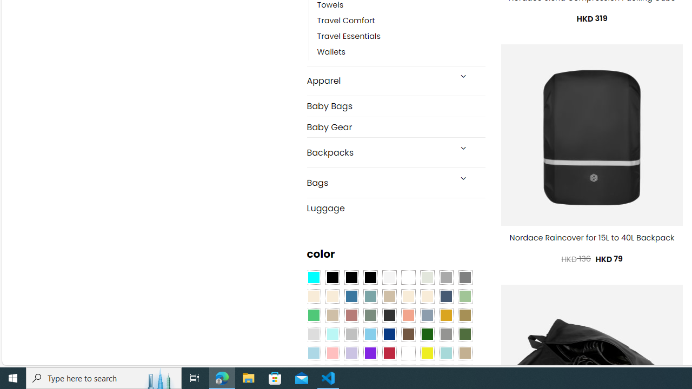 Image resolution: width=692 pixels, height=389 pixels. What do you see at coordinates (445, 277) in the screenshot?
I see `'Dark Gray'` at bounding box center [445, 277].